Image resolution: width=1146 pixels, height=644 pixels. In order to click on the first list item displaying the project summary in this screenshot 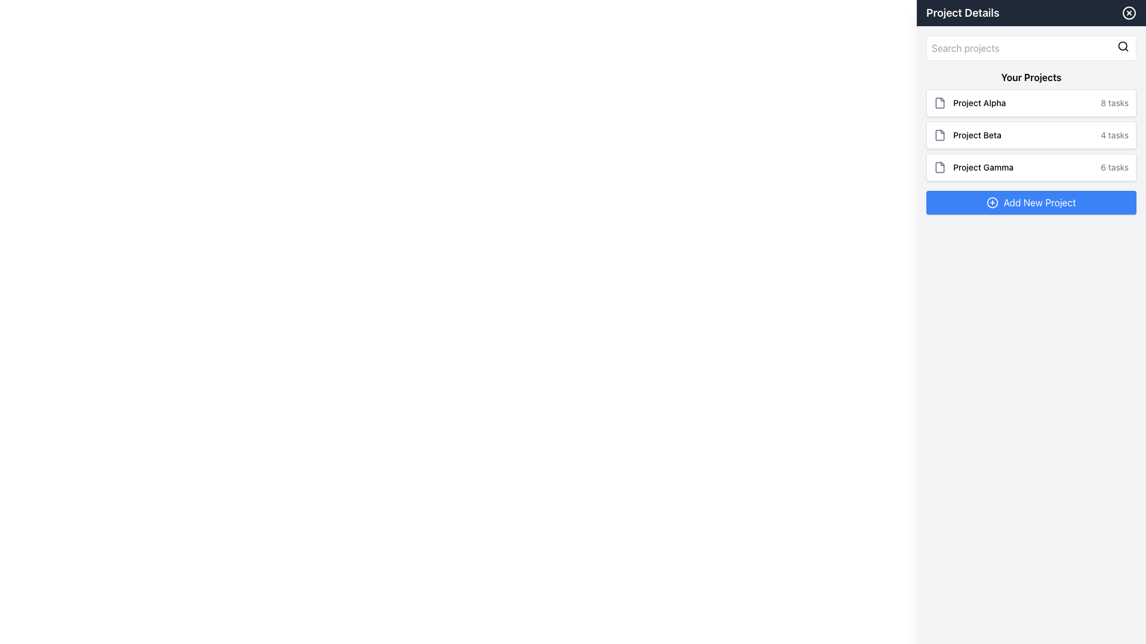, I will do `click(1031, 103)`.